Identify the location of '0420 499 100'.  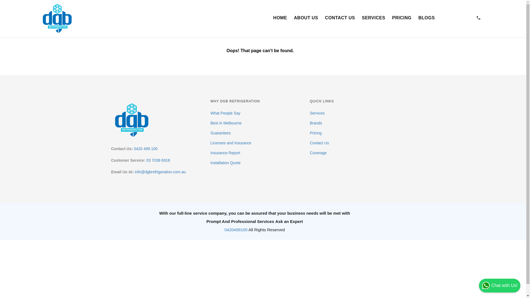
(146, 148).